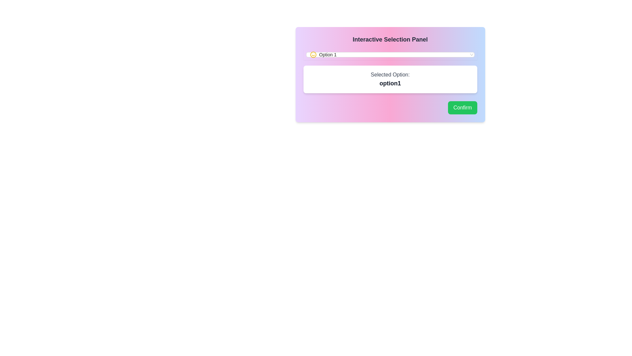 The height and width of the screenshot is (356, 632). What do you see at coordinates (462, 107) in the screenshot?
I see `the confirmation button located in the bottom right area of the interactive selection panel to finalize user actions` at bounding box center [462, 107].